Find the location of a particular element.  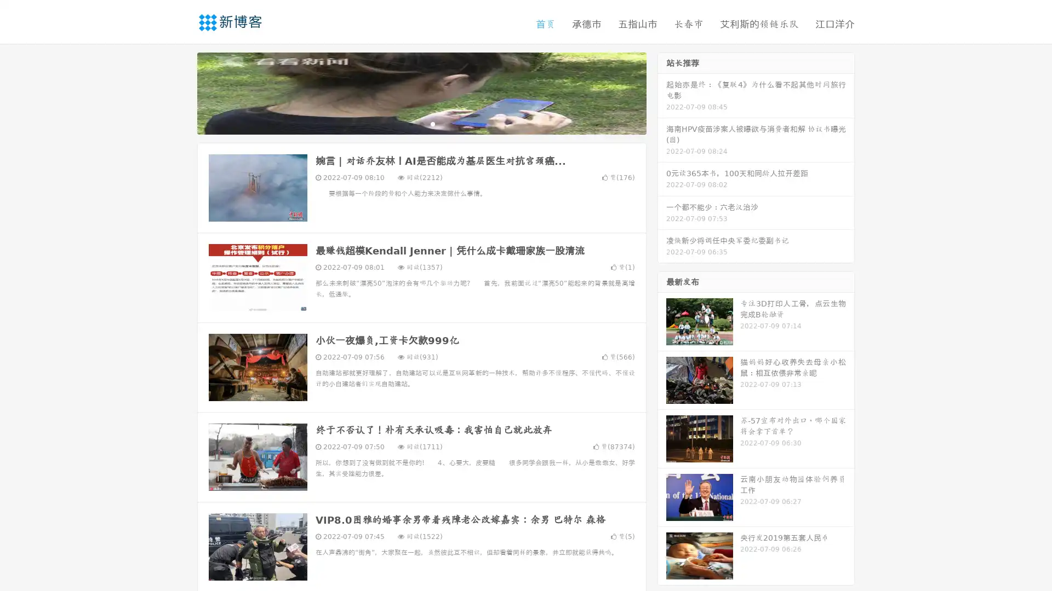

Go to slide 2 is located at coordinates (421, 123).